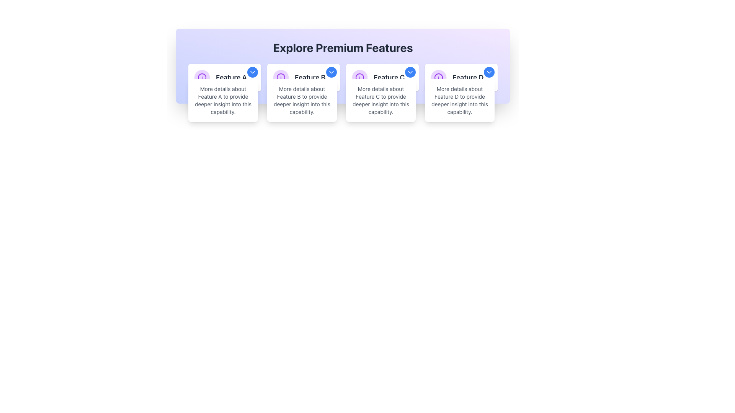  I want to click on the Text Label with Icon located in the first section from the left under the heading 'Explore Premium Features', so click(224, 78).